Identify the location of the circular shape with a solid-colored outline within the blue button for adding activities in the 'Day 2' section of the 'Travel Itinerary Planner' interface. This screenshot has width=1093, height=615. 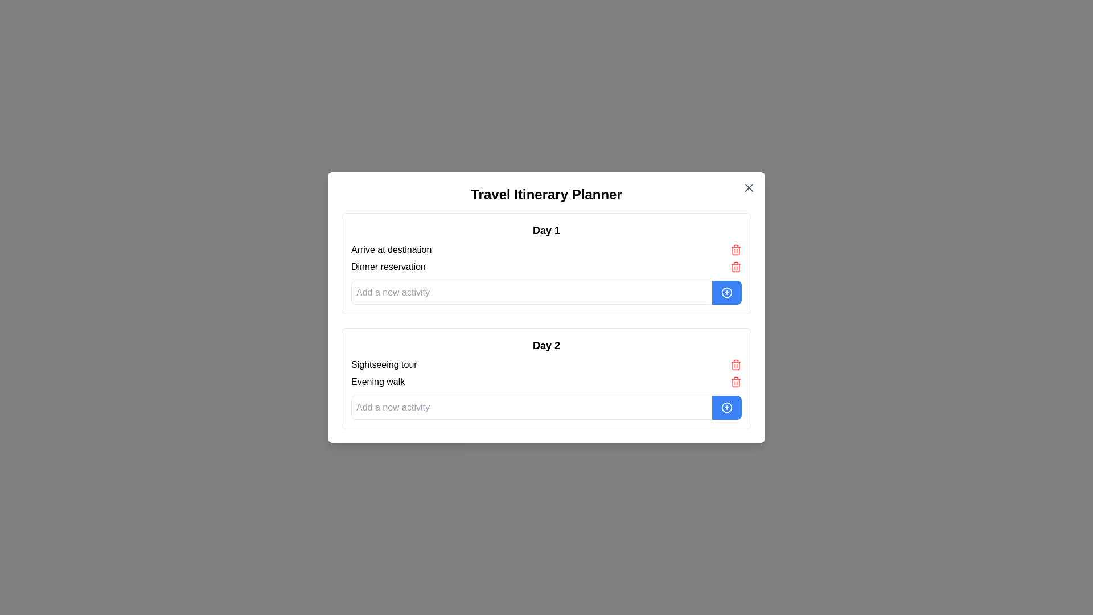
(726, 407).